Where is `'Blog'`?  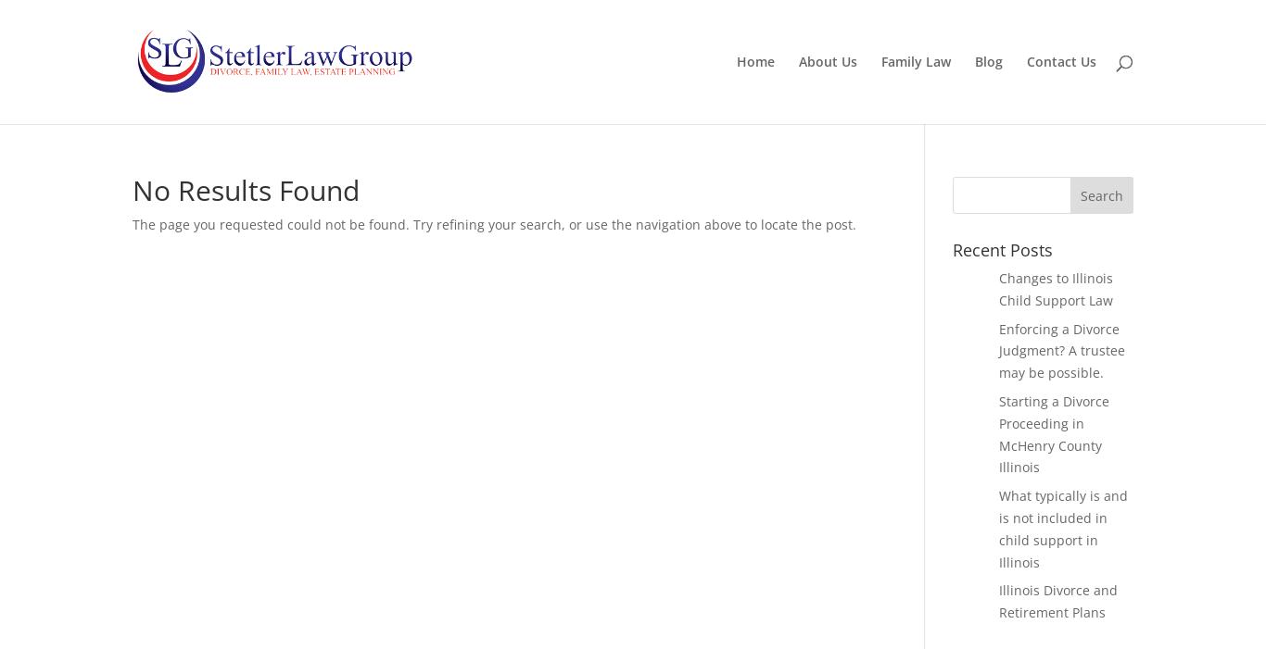 'Blog' is located at coordinates (973, 60).